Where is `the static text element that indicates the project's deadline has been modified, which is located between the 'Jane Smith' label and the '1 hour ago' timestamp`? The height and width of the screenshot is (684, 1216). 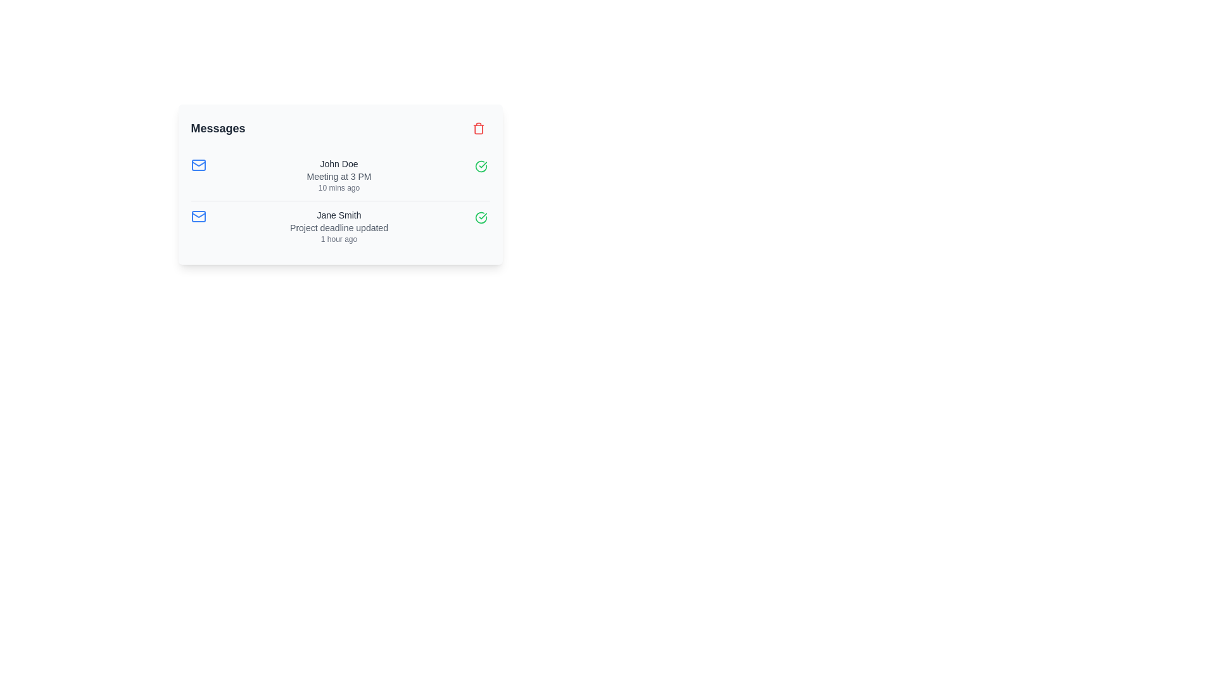 the static text element that indicates the project's deadline has been modified, which is located between the 'Jane Smith' label and the '1 hour ago' timestamp is located at coordinates (339, 227).